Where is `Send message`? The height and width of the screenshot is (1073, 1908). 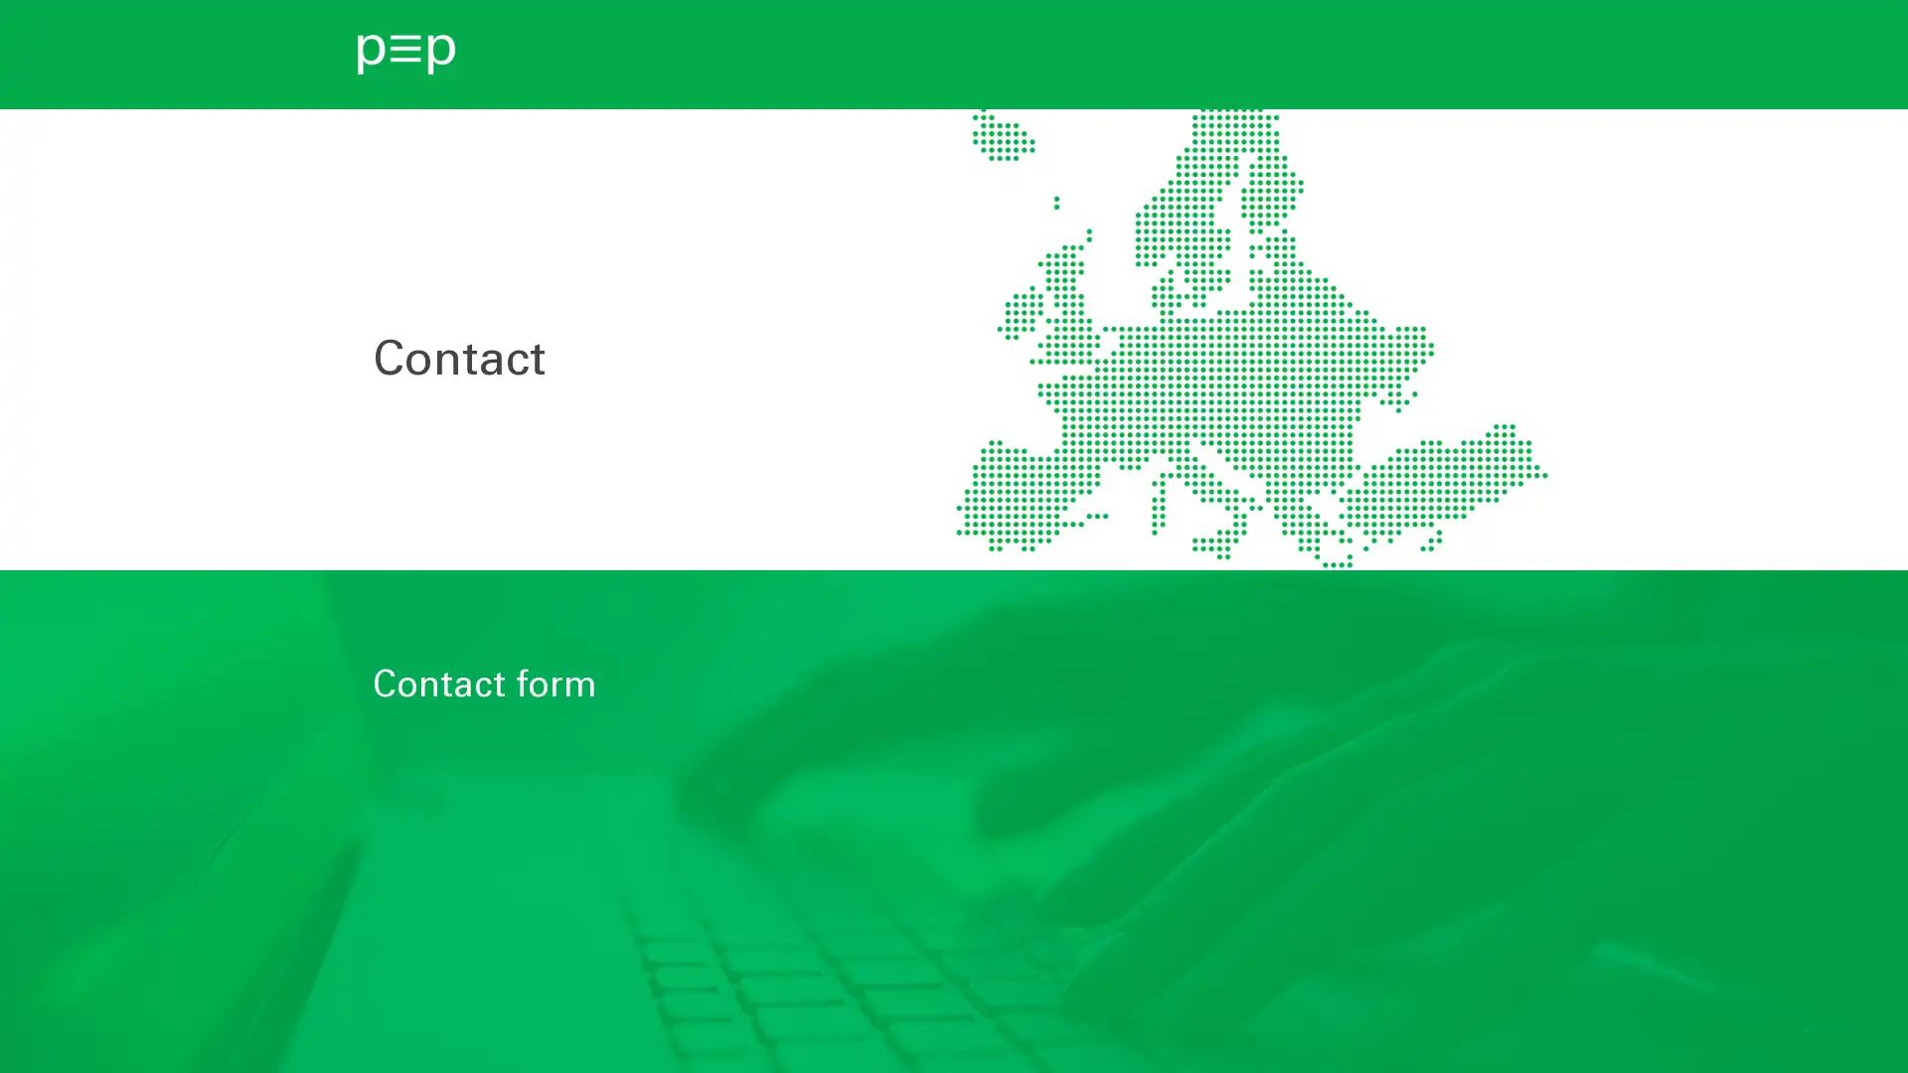 Send message is located at coordinates (459, 993).